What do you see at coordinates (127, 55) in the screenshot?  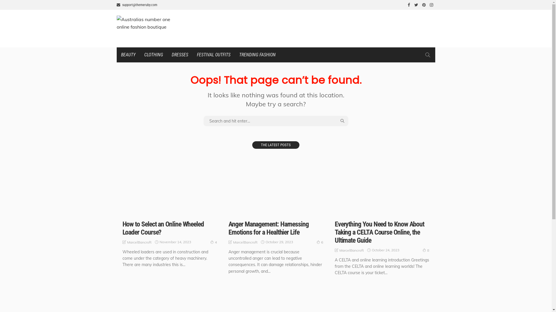 I see `'BEAUTY'` at bounding box center [127, 55].